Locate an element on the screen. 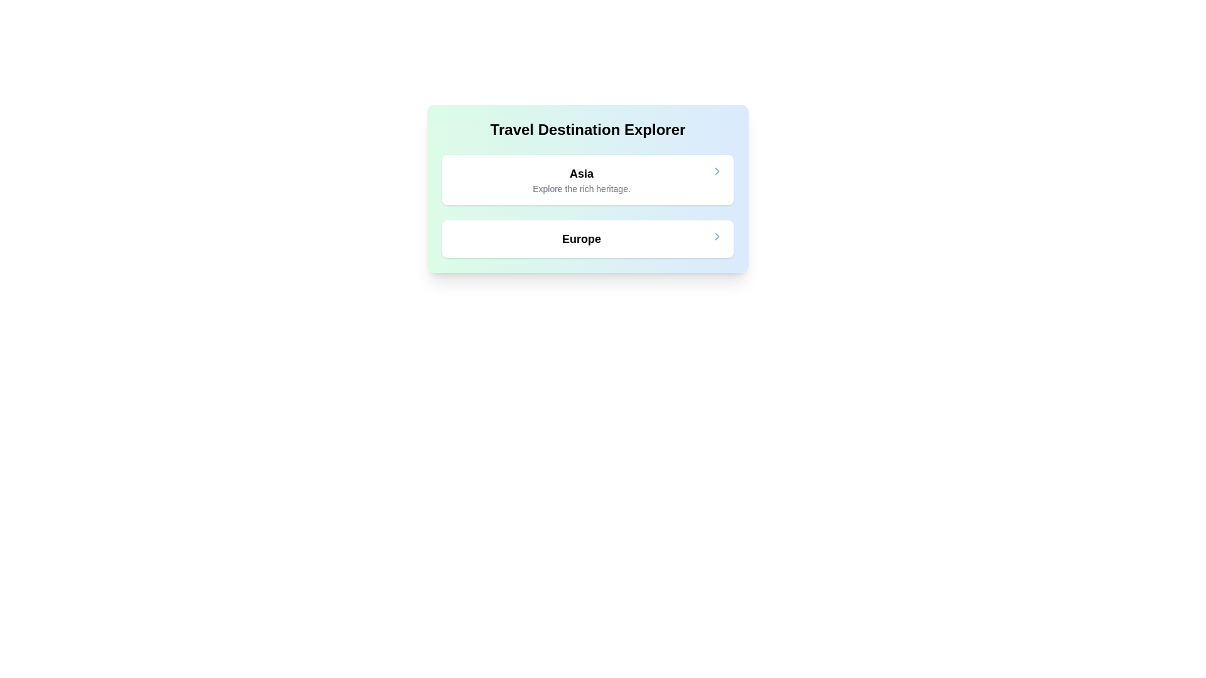  the highlighted region surrounding the rightward-pointing chevron icon next to the 'Asia' text block is located at coordinates (717, 171).